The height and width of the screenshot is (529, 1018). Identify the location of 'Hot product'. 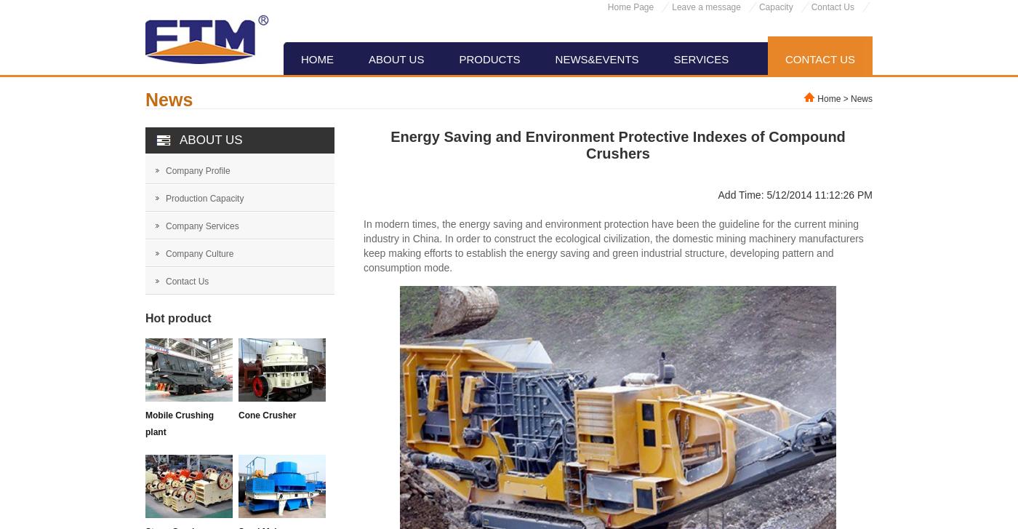
(177, 317).